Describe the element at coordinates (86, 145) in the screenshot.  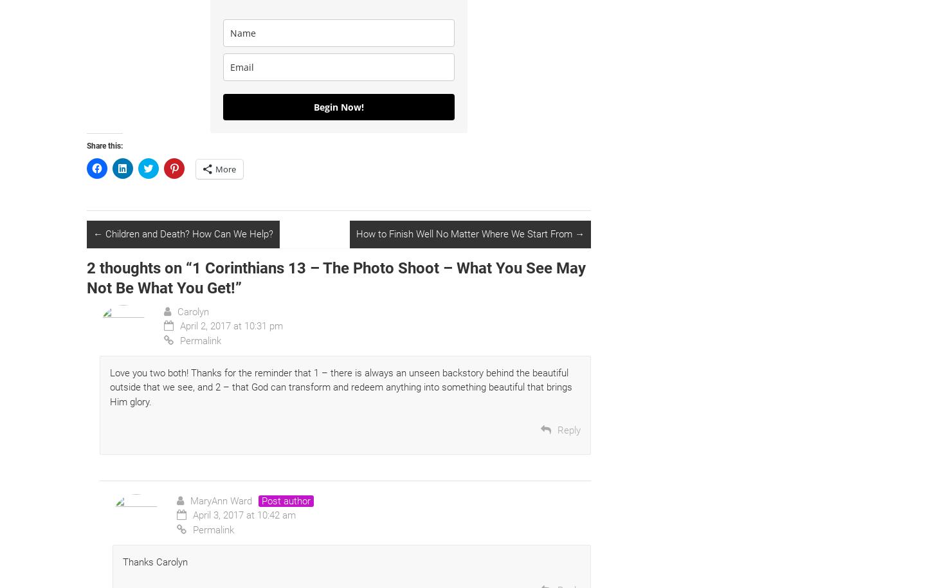
I see `'Share this:'` at that location.